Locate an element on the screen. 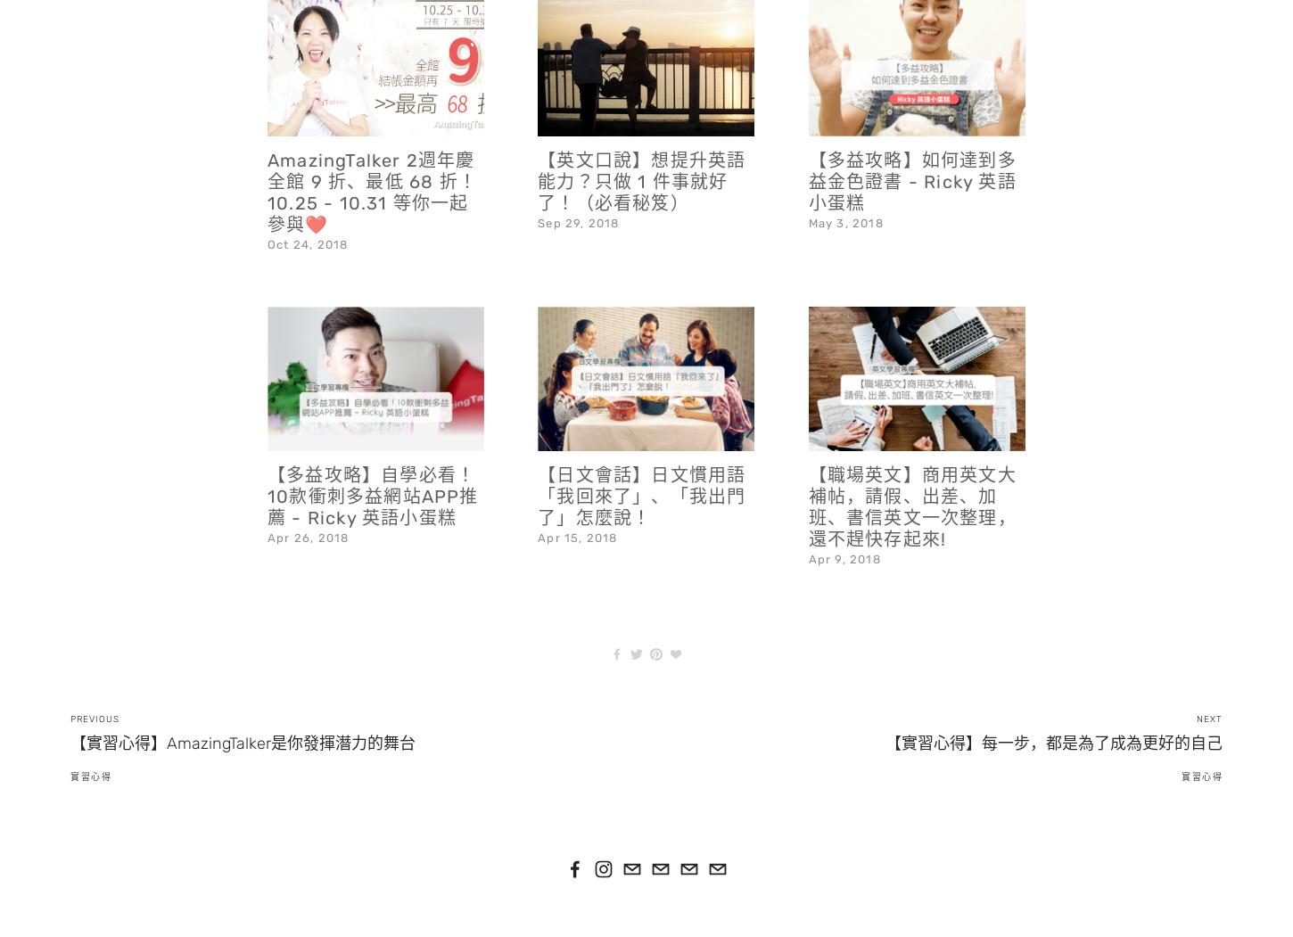 Image resolution: width=1293 pixels, height=937 pixels. '【實習心得】AmazingTalker是你發揮潛力的舞台' is located at coordinates (70, 695).